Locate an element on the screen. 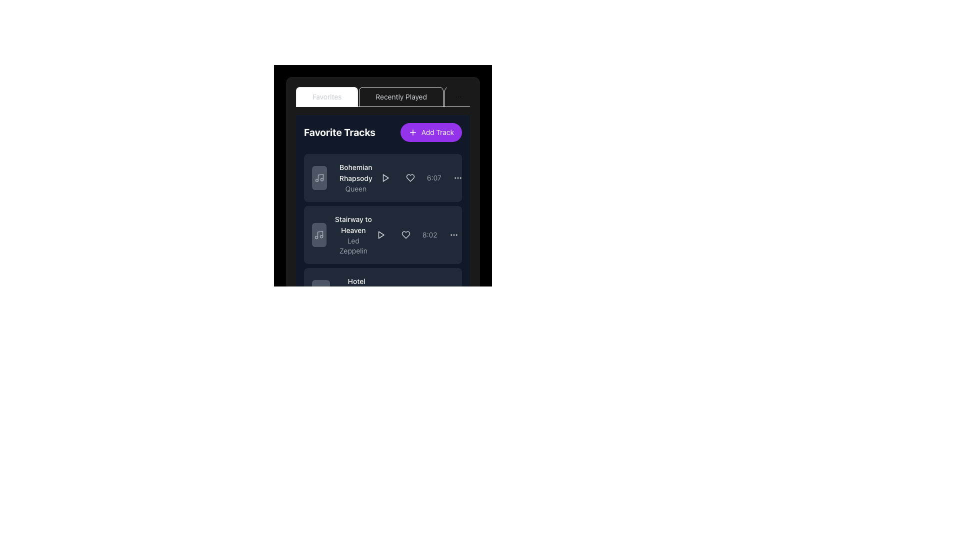 This screenshot has width=960, height=540. the text label displaying 'Queen', which is a small, gray-colored font located beneath the title 'Bohemian Rhapsody' in the 'Favorite Tracks' section is located at coordinates (355, 189).